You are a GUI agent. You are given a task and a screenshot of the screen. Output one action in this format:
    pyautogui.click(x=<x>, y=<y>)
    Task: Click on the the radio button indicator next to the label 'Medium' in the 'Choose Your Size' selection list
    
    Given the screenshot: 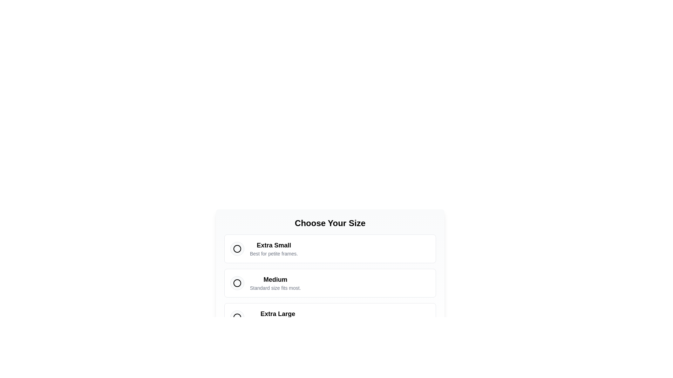 What is the action you would take?
    pyautogui.click(x=237, y=283)
    